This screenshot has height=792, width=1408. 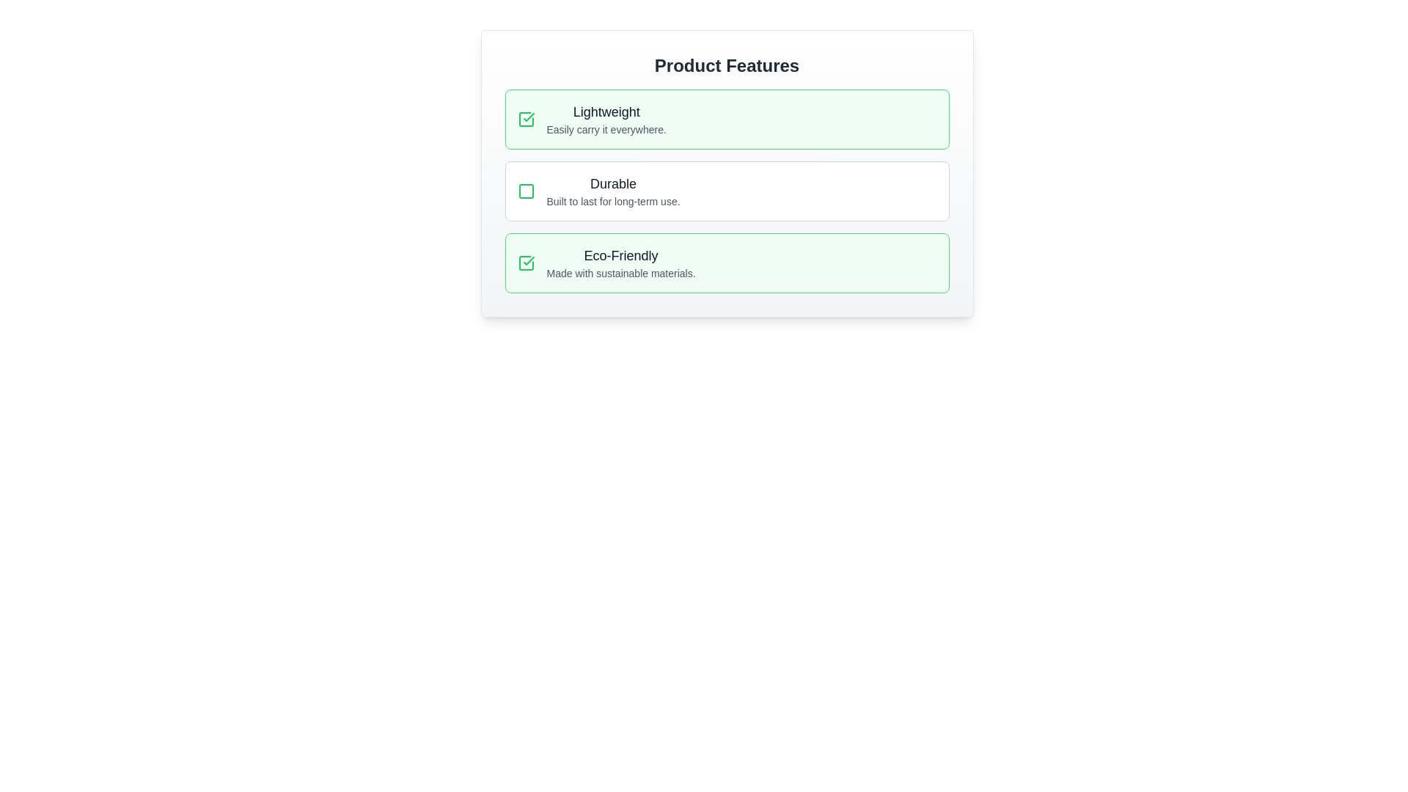 I want to click on the Rectangle icon with rounded corners that is associated with the 'Durable' text in the 'Product Features' list, so click(x=526, y=191).